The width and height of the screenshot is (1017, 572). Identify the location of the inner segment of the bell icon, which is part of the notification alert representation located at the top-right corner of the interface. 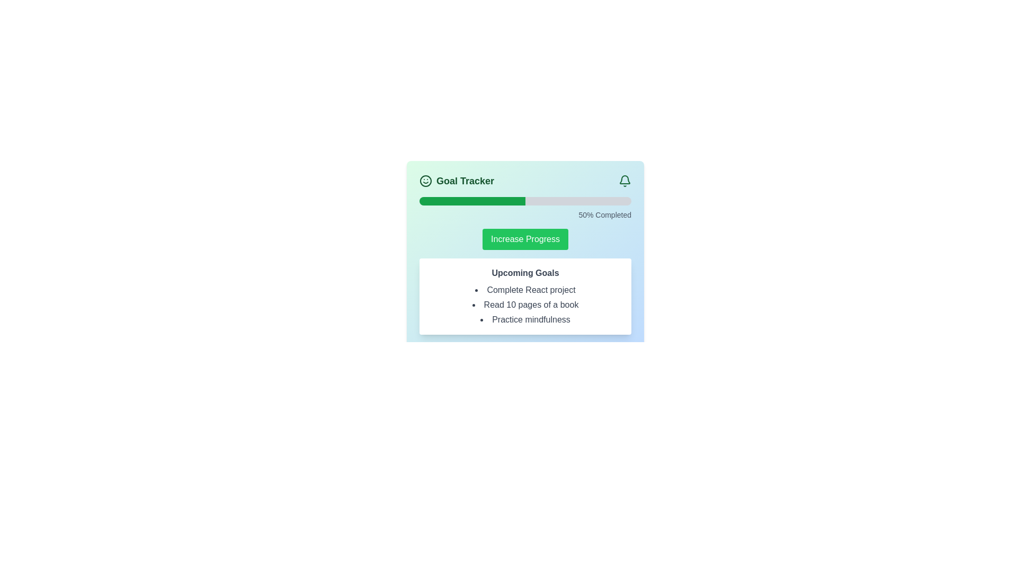
(625, 179).